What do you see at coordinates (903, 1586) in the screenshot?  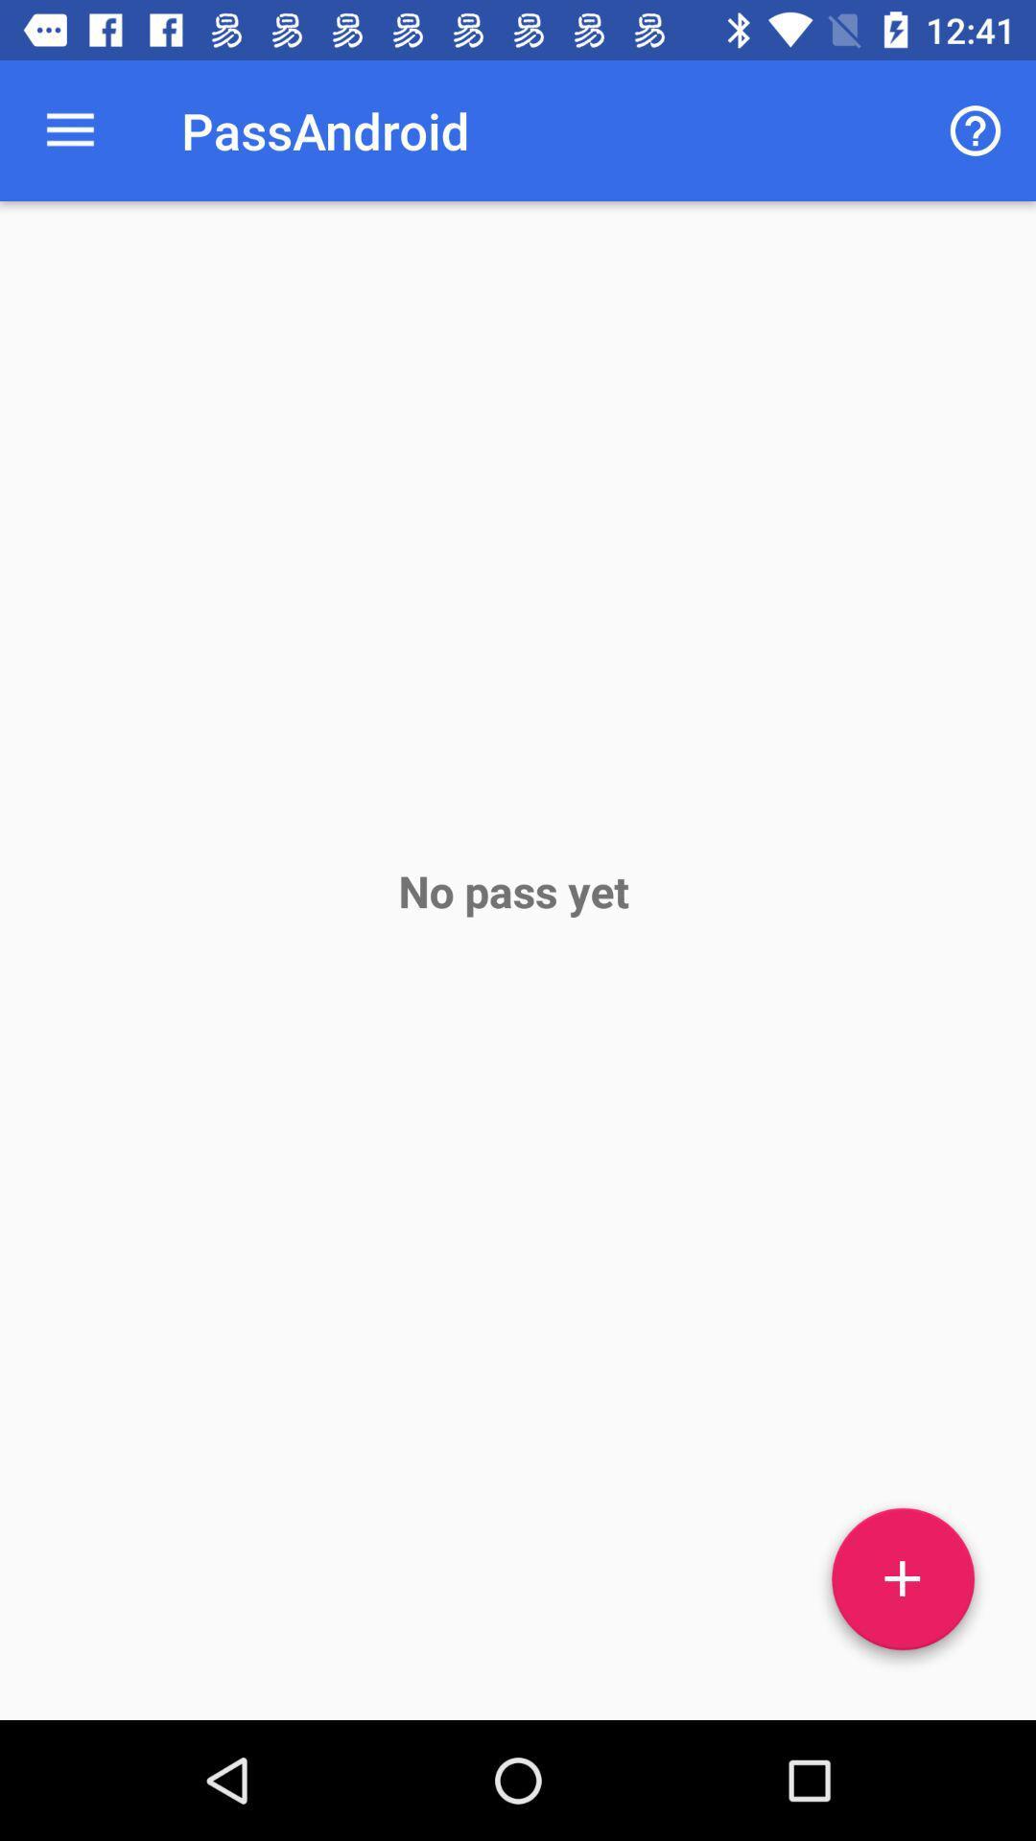 I see `the add icon` at bounding box center [903, 1586].